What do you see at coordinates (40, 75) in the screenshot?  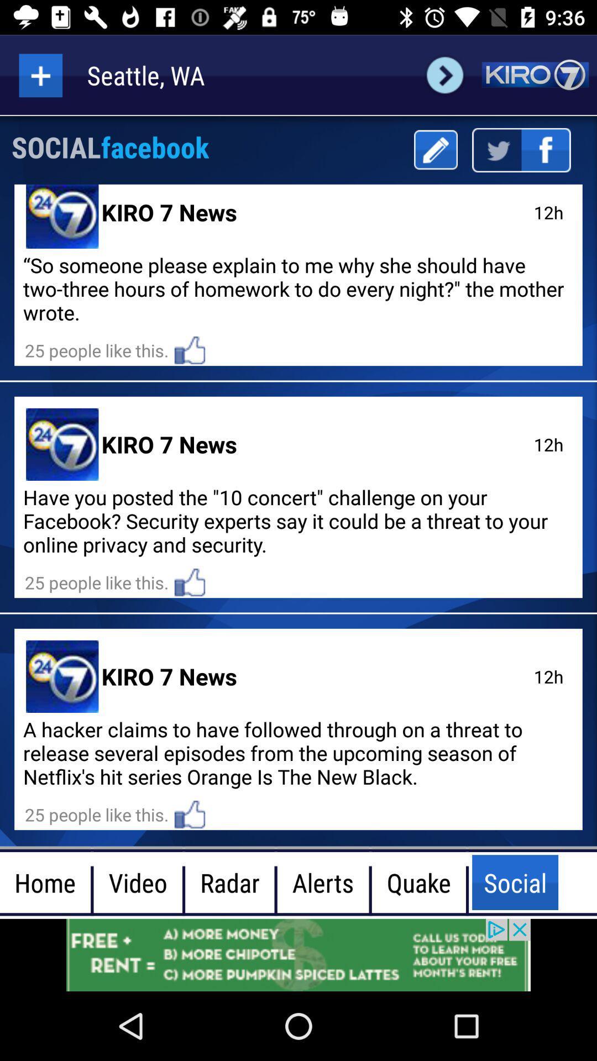 I see `the add icon` at bounding box center [40, 75].